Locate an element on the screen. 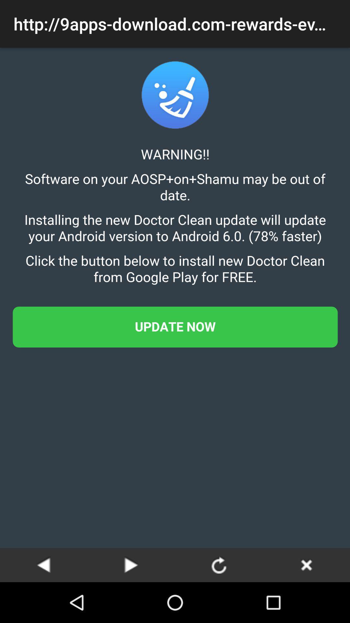 This screenshot has height=623, width=350. next page is located at coordinates (131, 565).